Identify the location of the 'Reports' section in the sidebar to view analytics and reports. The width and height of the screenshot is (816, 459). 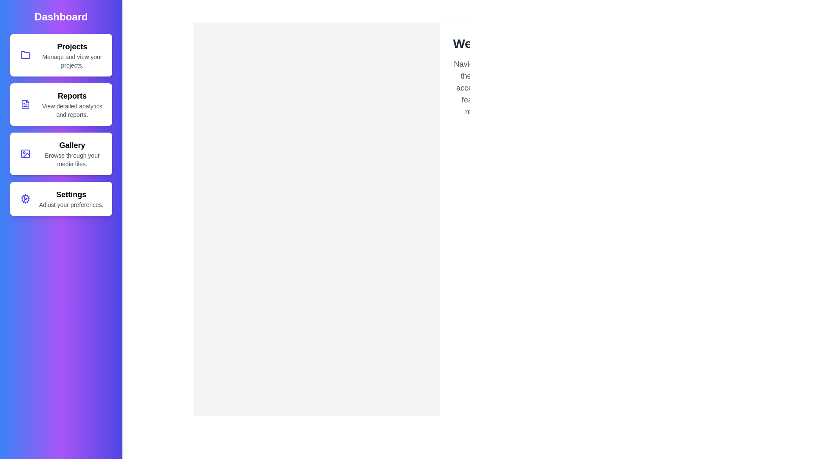
(61, 104).